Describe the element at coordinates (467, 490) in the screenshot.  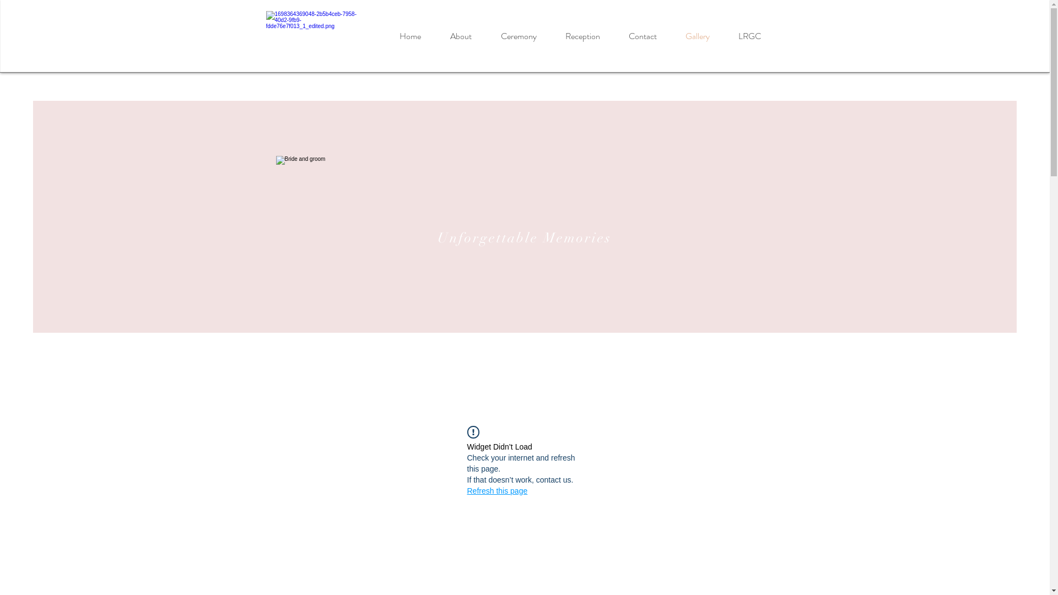
I see `'Refresh this page'` at that location.